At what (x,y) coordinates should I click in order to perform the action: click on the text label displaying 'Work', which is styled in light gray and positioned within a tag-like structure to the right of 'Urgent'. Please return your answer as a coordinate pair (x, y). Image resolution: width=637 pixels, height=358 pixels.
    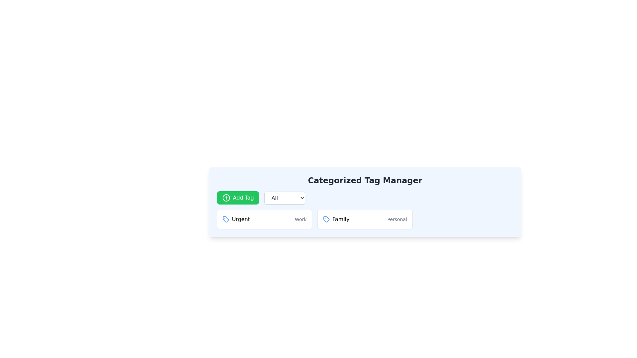
    Looking at the image, I should click on (300, 219).